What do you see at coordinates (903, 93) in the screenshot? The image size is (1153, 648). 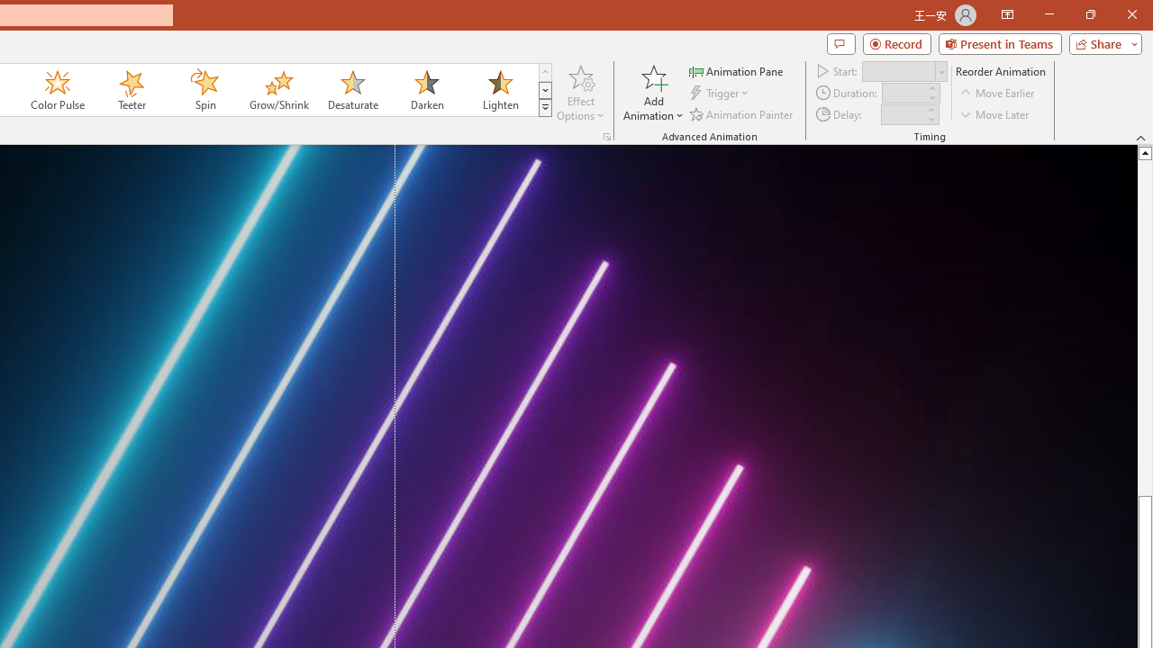 I see `'Animation Duration'` at bounding box center [903, 93].